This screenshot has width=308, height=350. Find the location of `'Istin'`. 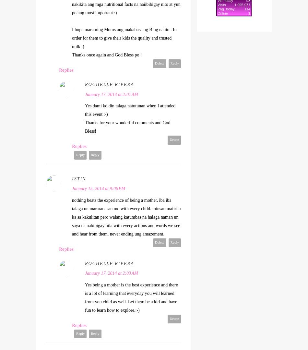

'Istin' is located at coordinates (78, 178).